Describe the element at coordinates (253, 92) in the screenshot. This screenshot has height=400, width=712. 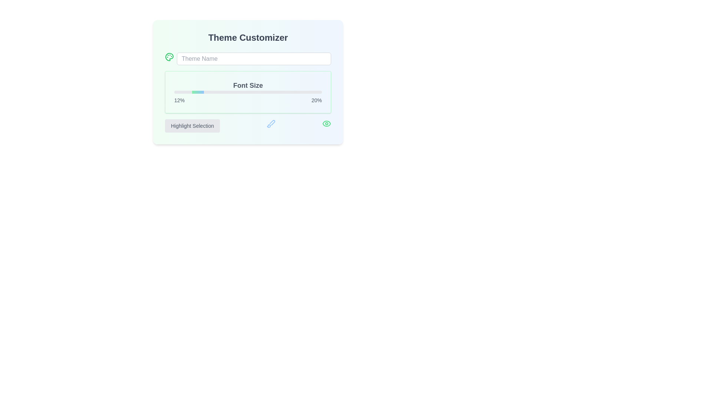
I see `the slider` at that location.